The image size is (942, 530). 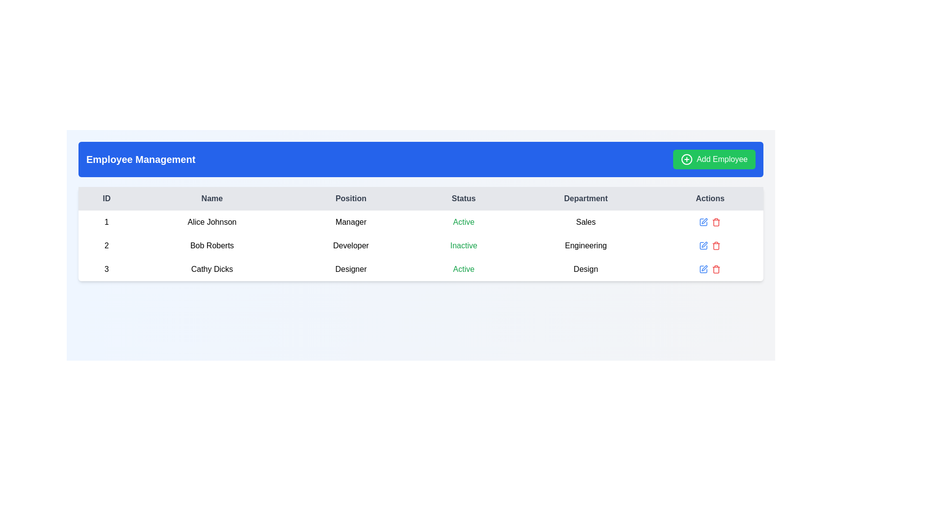 I want to click on the 'Edit' icon button located in the 'Actions' column of the third row corresponding to 'Cathy Dicks', so click(x=703, y=269).